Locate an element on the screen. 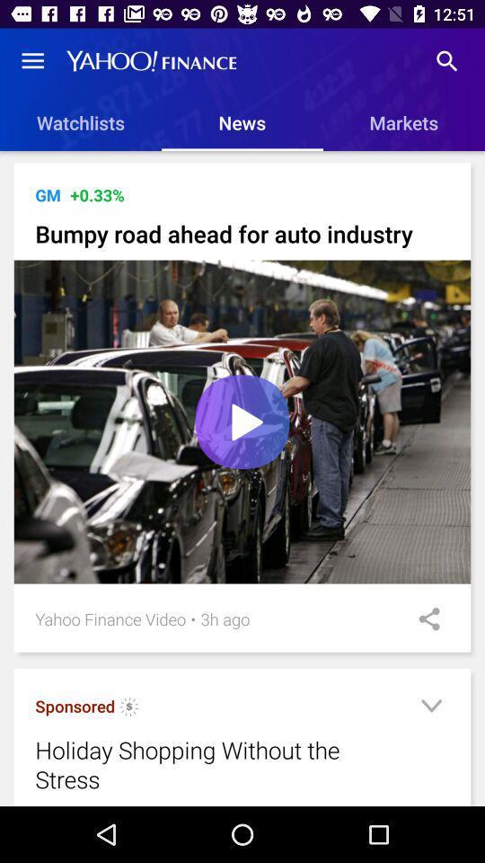 The width and height of the screenshot is (485, 863). the item above the holiday shopping without icon is located at coordinates (128, 709).